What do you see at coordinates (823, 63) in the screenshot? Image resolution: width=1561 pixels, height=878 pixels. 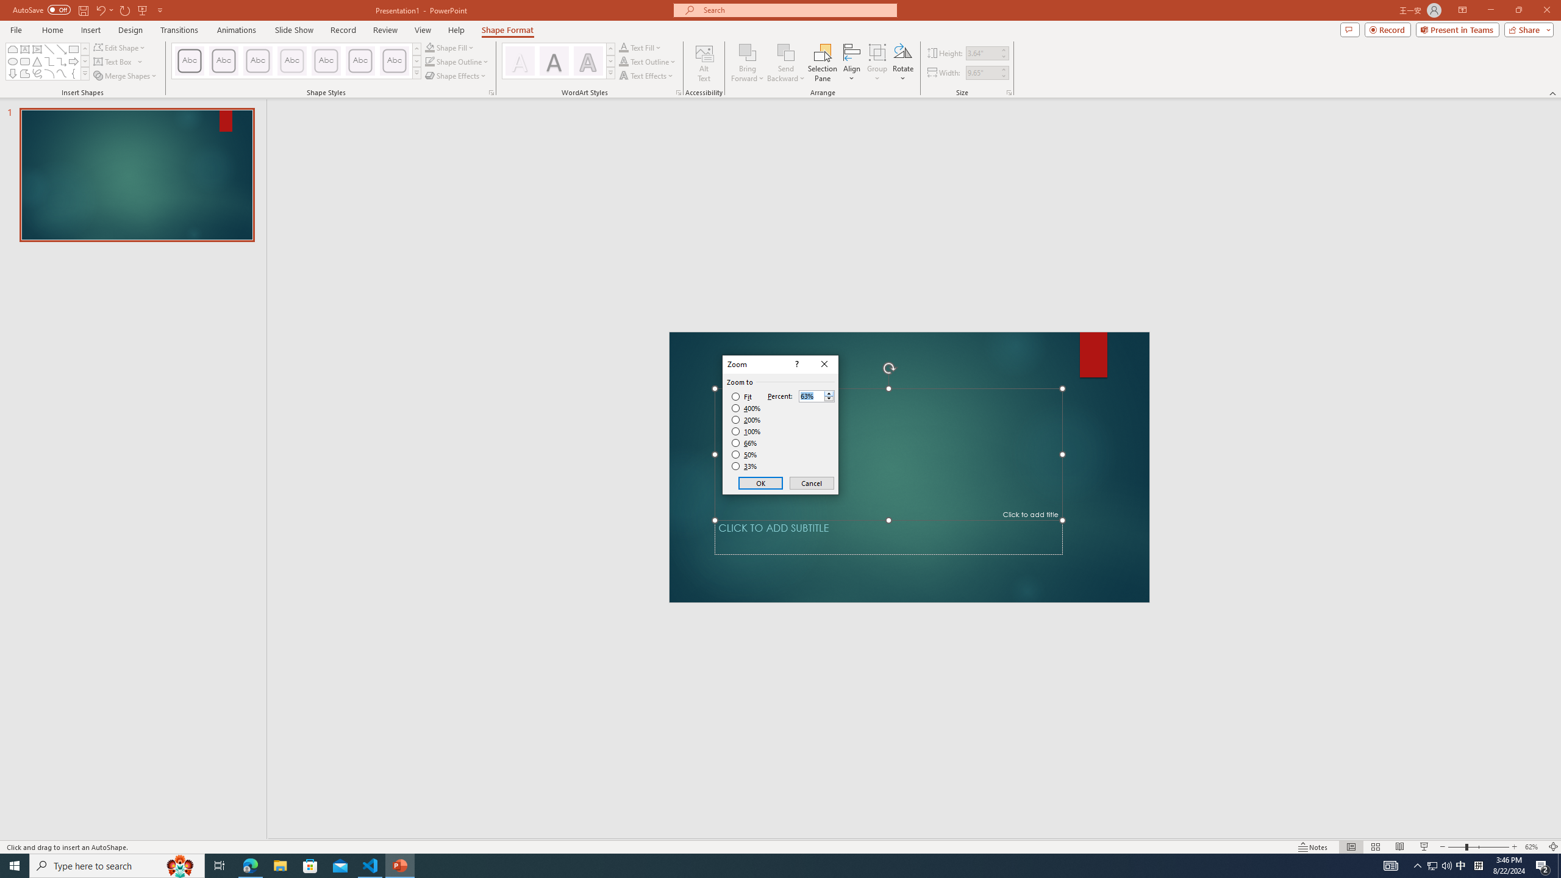 I see `'Selection Pane...'` at bounding box center [823, 63].